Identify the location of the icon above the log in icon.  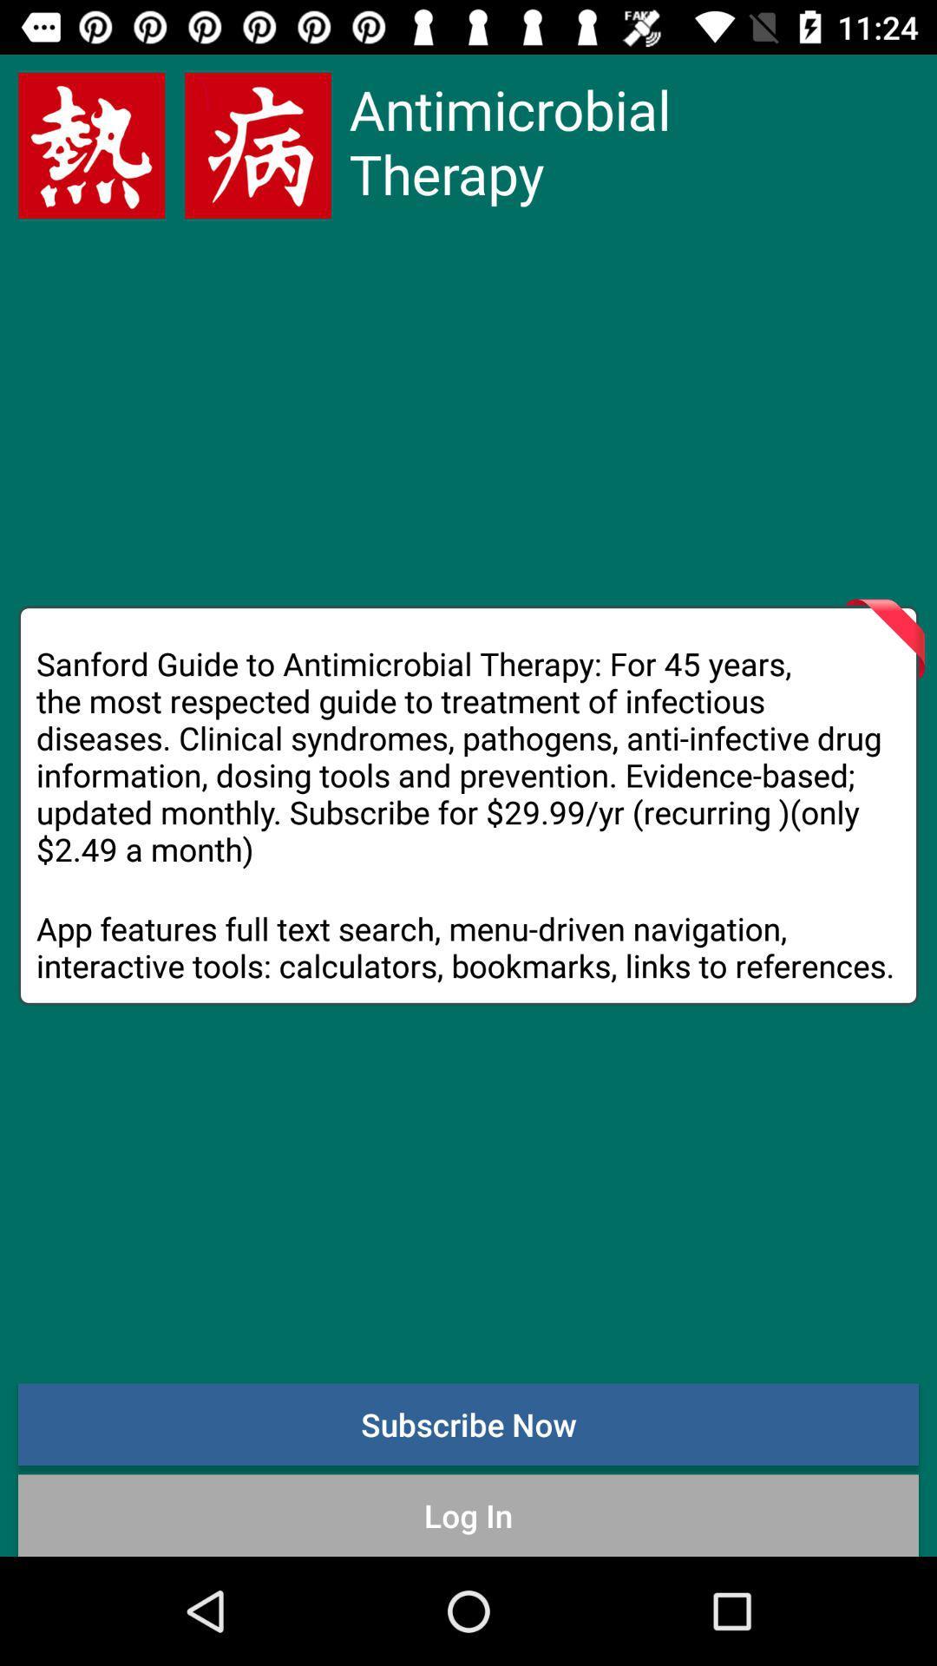
(468, 1424).